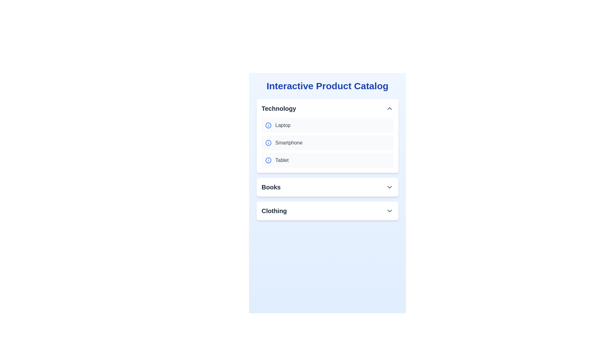 The height and width of the screenshot is (337, 600). What do you see at coordinates (282, 125) in the screenshot?
I see `static text label 'Laptop' which is the first item in the 'Technology' category list, styled in a clean sans-serif font with a black color on a light gray background` at bounding box center [282, 125].